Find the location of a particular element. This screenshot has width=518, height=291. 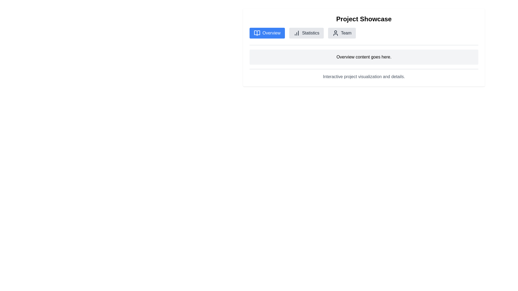

the text label that displays the word 'Overview', which is styled with a sans-serif font and located within a button-like area with rounded corners is located at coordinates (271, 33).